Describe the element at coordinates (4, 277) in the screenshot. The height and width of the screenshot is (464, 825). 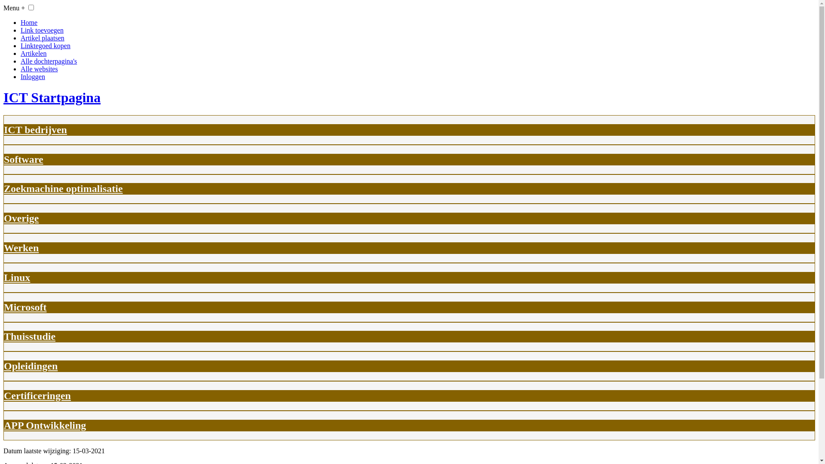
I see `'Linux'` at that location.